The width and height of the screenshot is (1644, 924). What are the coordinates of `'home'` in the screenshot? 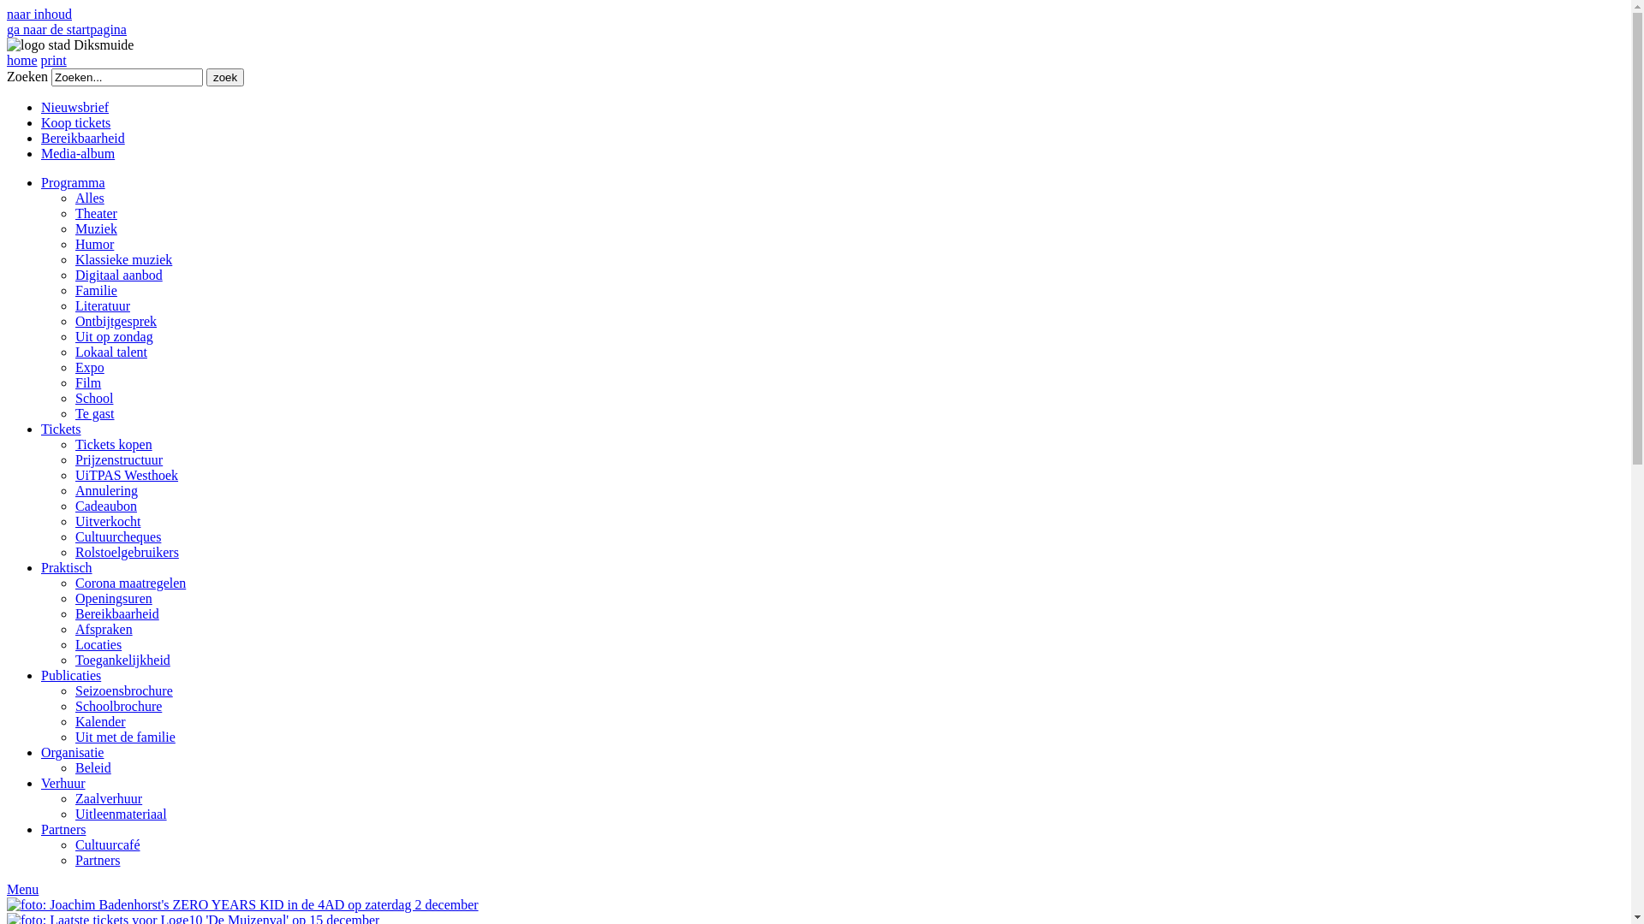 It's located at (21, 59).